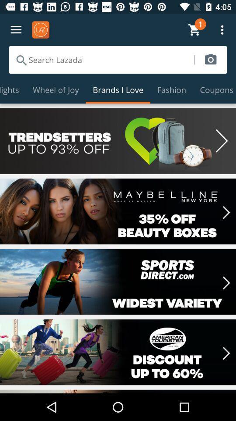  What do you see at coordinates (118, 141) in the screenshot?
I see `advertisement` at bounding box center [118, 141].